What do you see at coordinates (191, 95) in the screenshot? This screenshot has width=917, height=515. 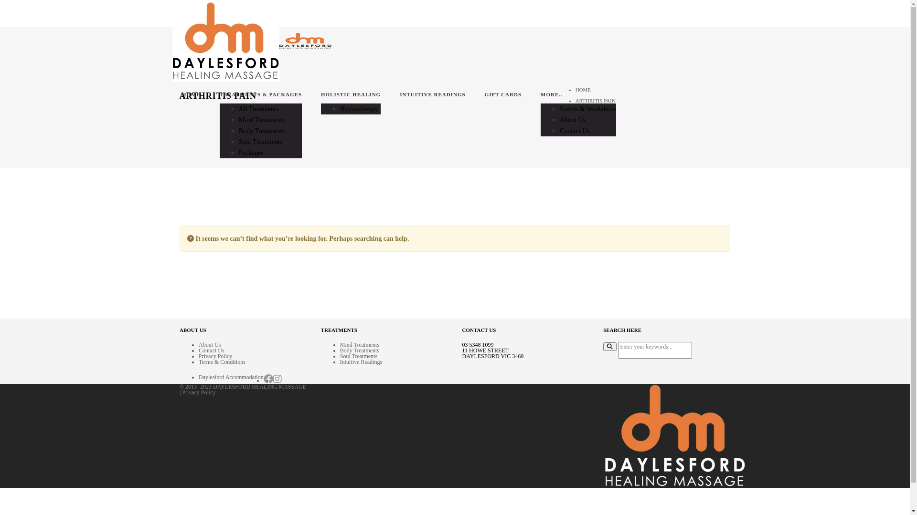 I see `'HOME'` at bounding box center [191, 95].